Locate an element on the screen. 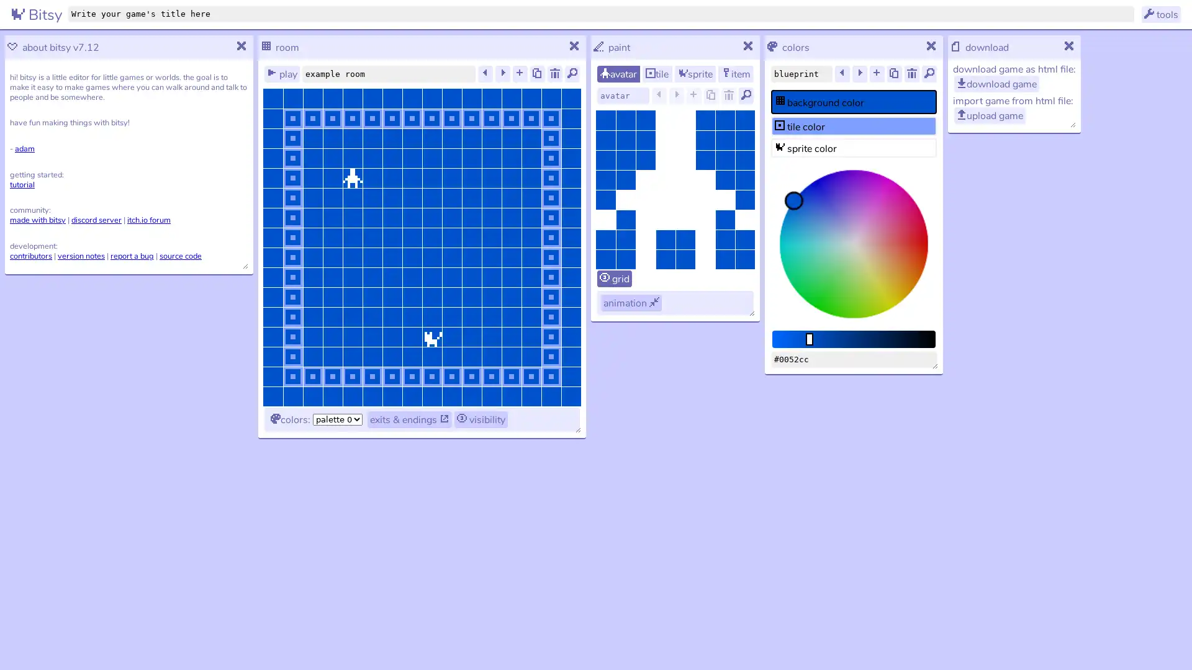 Image resolution: width=1192 pixels, height=670 pixels. add drawing is located at coordinates (693, 95).